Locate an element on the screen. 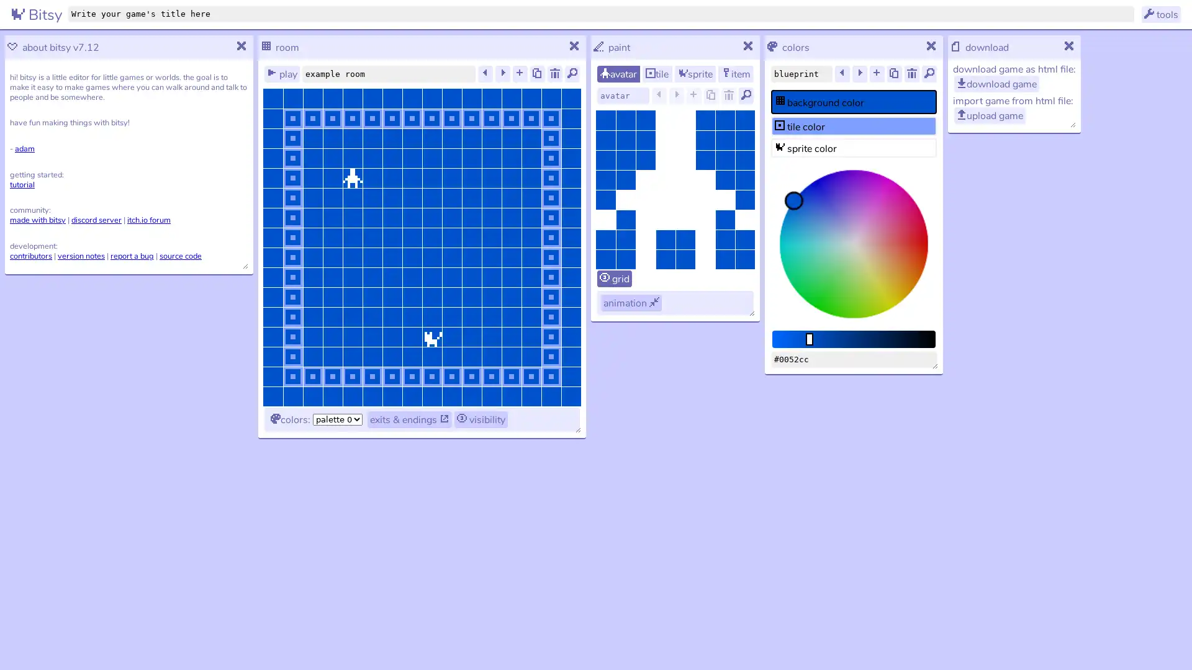 Image resolution: width=1192 pixels, height=670 pixels. add drawing is located at coordinates (693, 95).